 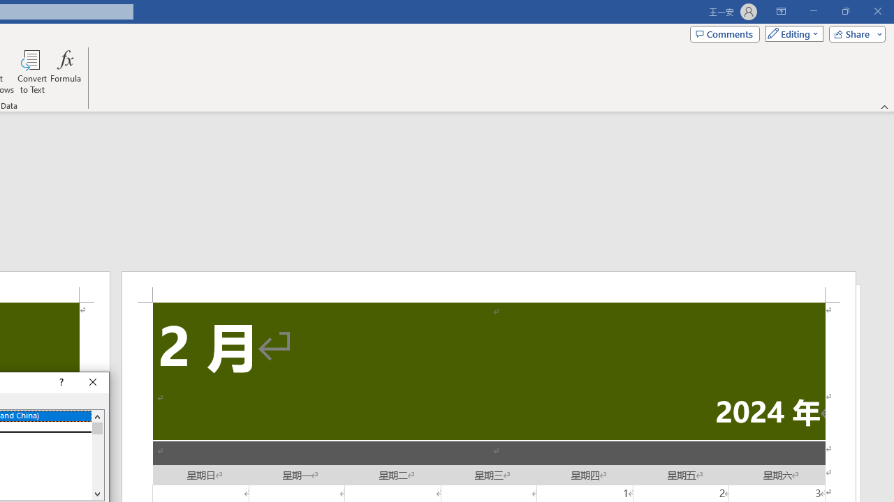 I want to click on 'Header -Section 2-', so click(x=489, y=286).